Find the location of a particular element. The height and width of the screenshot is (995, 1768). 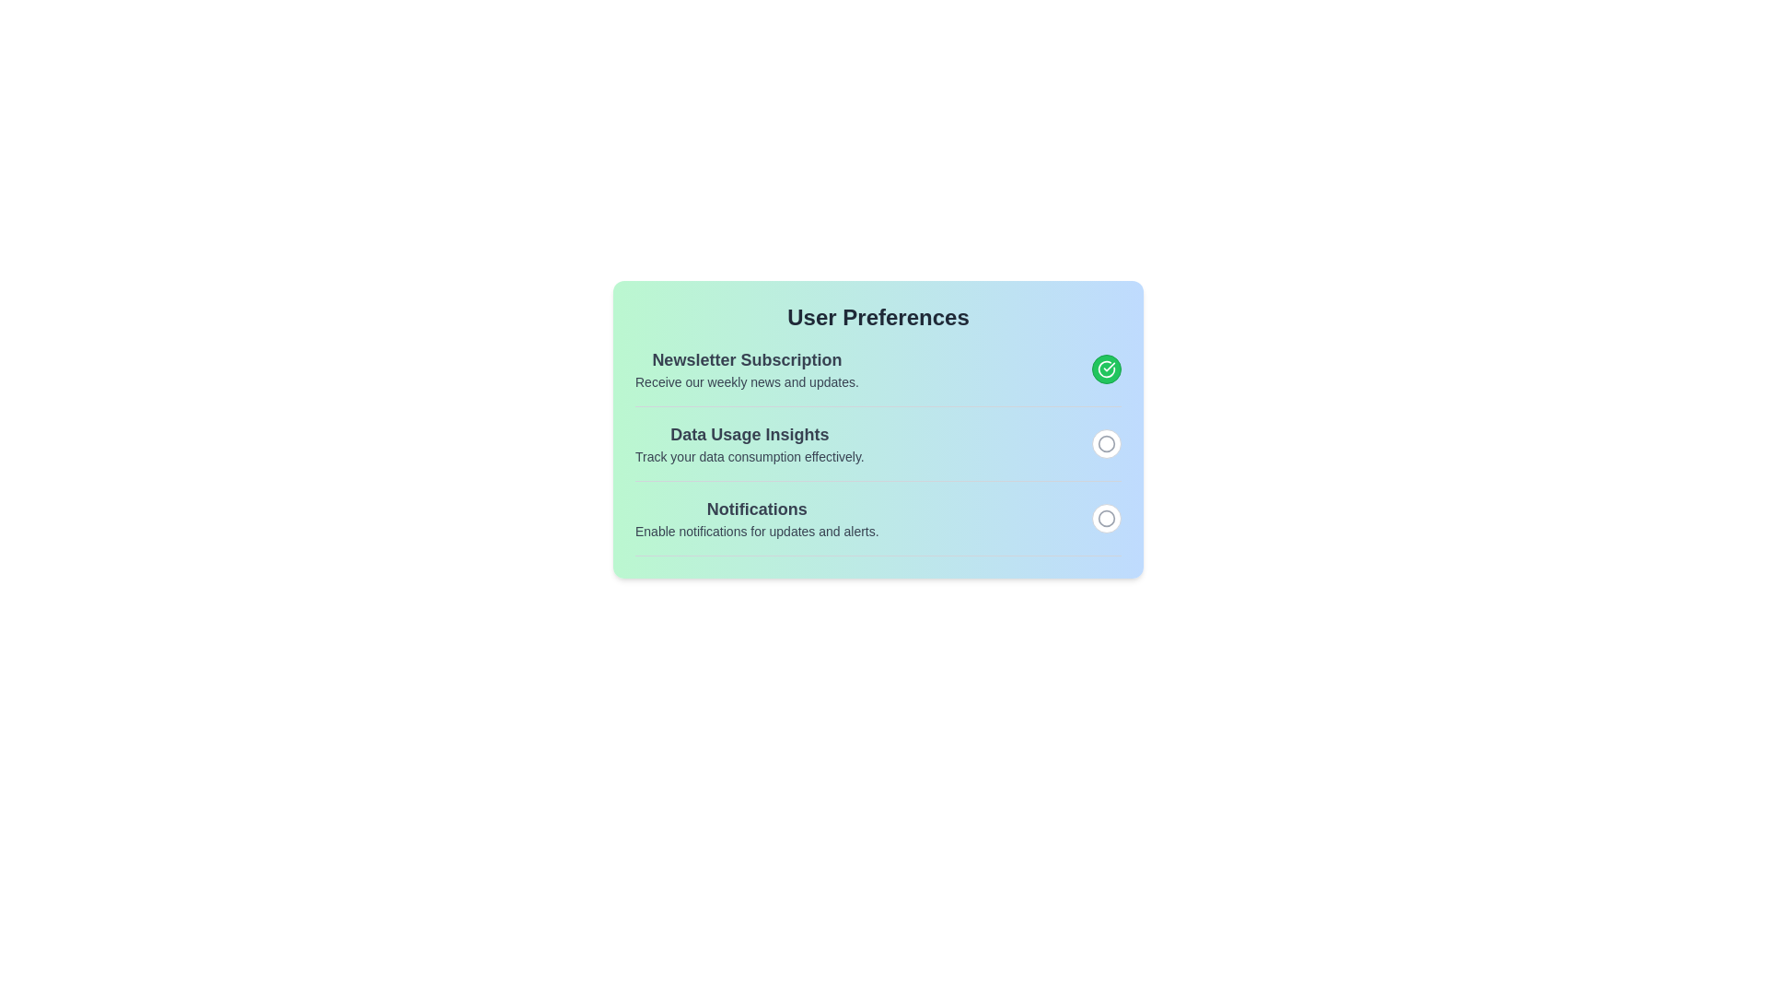

the text label reading 'Newsletter Subscription', which is styled in bold and larger font within a light green and blue gradient area, located in the upper left section of the 'User Preferences' card is located at coordinates (747, 359).